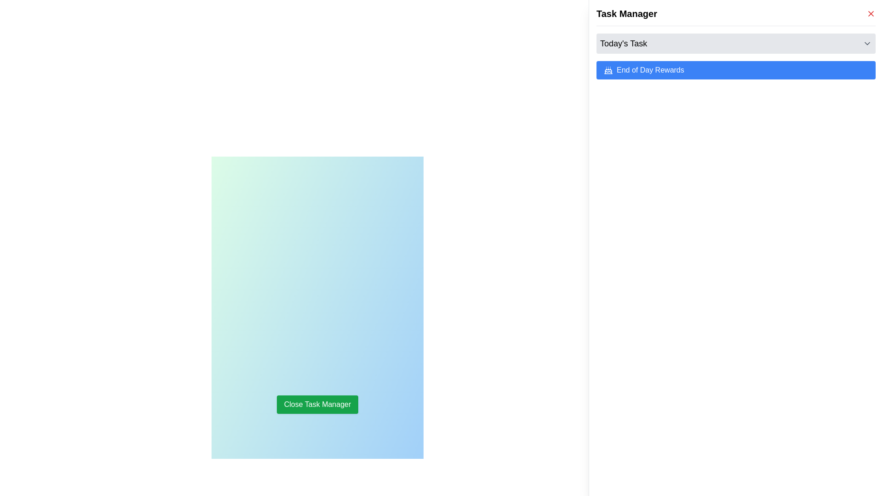  Describe the element at coordinates (871, 14) in the screenshot. I see `the close button located in the top-right corner of the interface next to the title 'Task Manager'` at that location.